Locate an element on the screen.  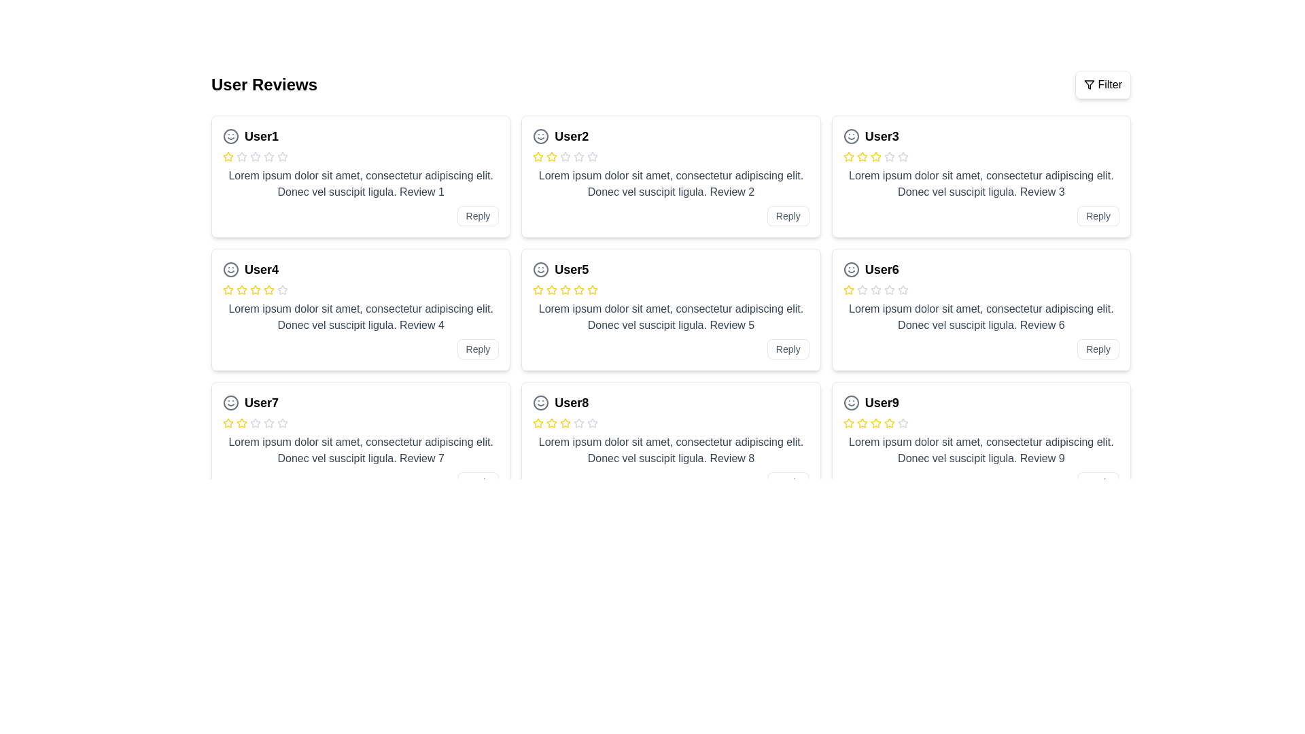
Circular SVG graphic element that serves as the outer shape for the smiley face icon within the 'User8' card by opening the browser console is located at coordinates (540, 402).